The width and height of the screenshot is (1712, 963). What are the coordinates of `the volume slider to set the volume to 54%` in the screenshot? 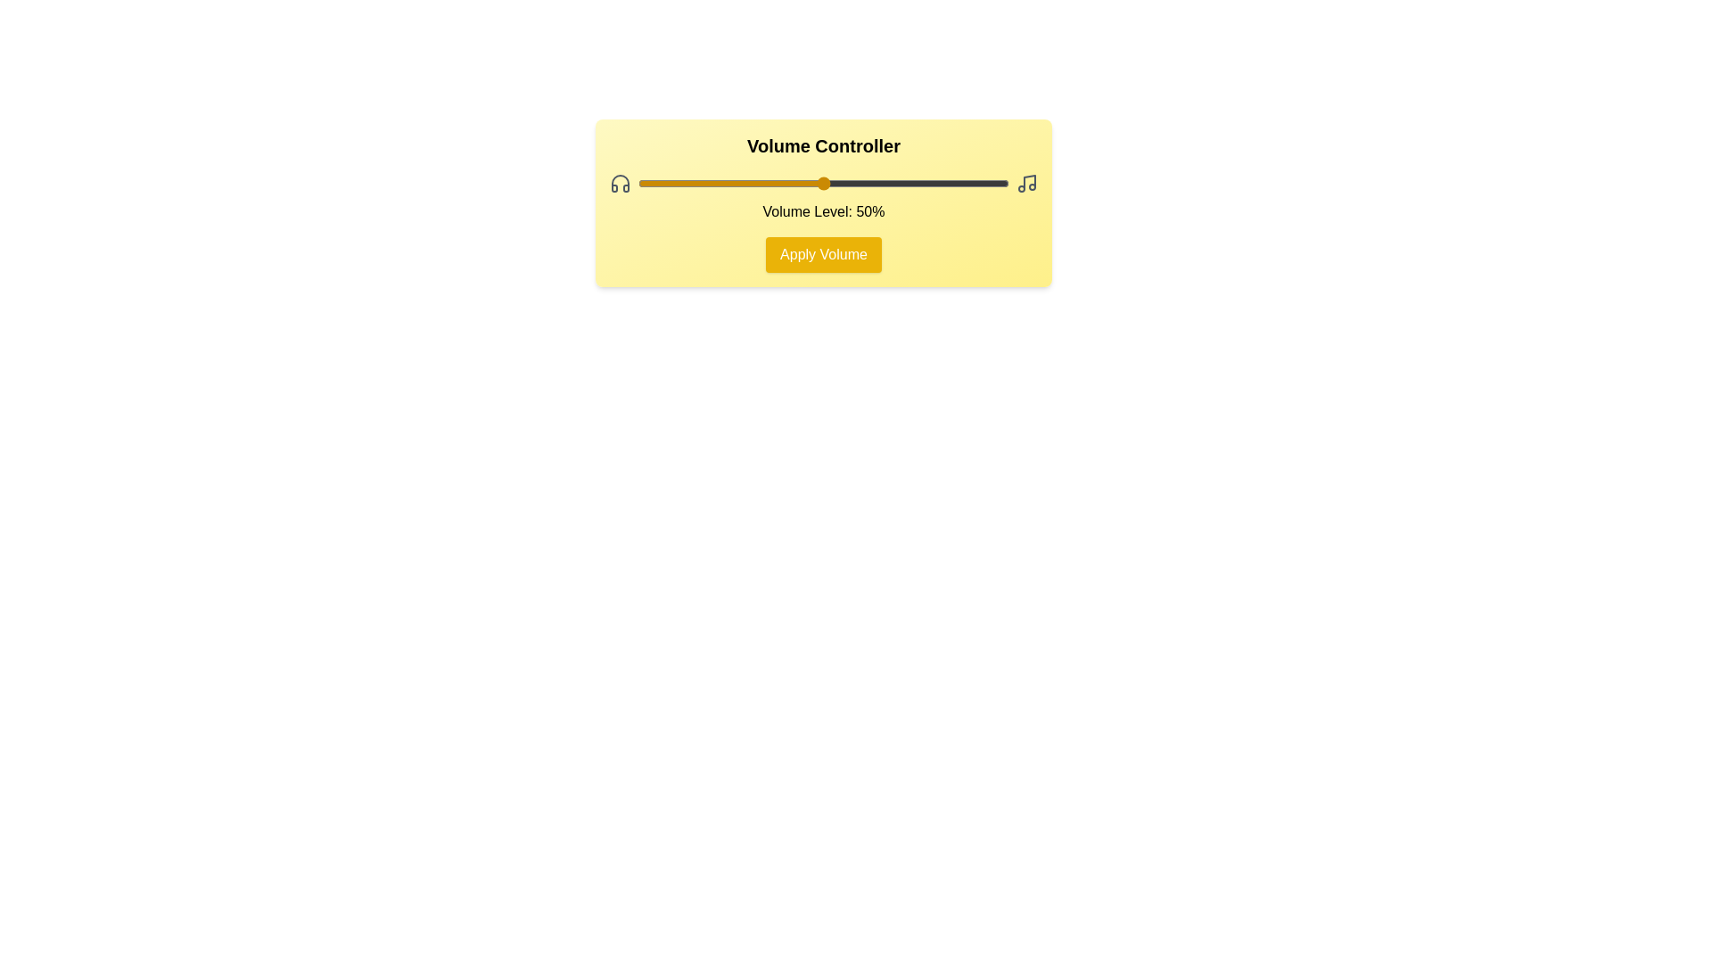 It's located at (837, 183).